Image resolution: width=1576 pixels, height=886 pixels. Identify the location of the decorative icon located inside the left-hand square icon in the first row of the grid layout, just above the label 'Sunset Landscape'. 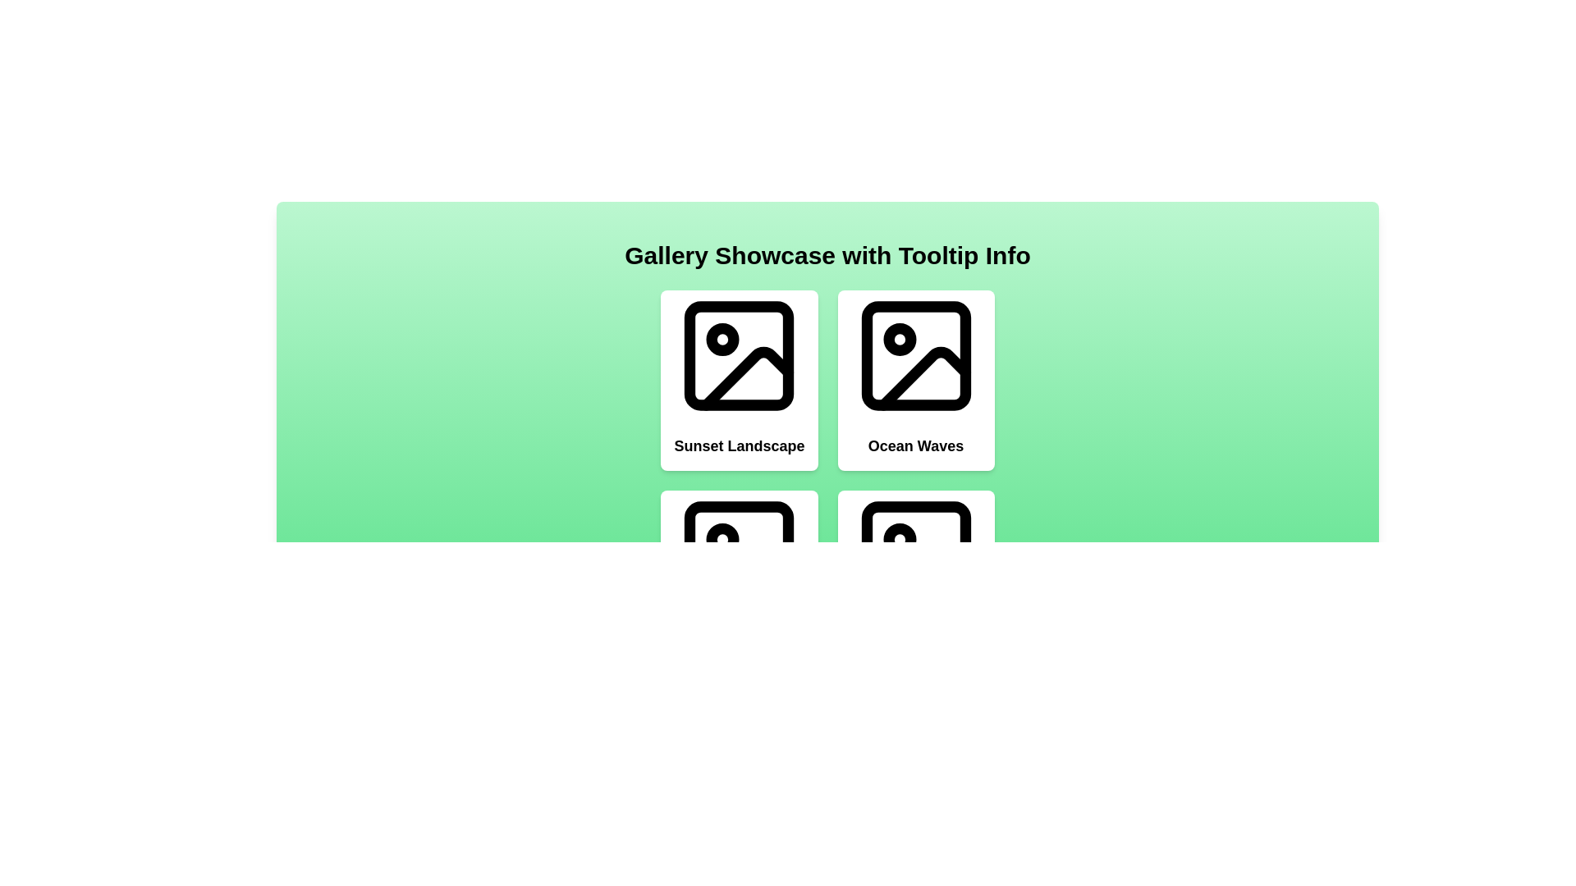
(747, 378).